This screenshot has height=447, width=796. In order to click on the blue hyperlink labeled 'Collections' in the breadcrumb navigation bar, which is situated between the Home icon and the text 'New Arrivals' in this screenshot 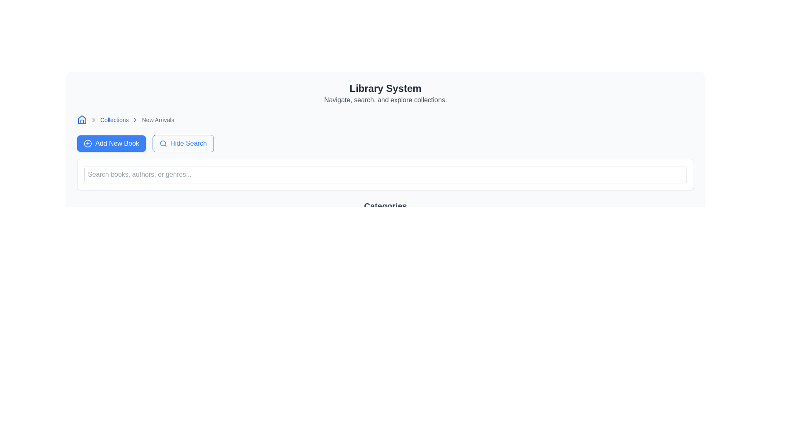, I will do `click(114, 120)`.